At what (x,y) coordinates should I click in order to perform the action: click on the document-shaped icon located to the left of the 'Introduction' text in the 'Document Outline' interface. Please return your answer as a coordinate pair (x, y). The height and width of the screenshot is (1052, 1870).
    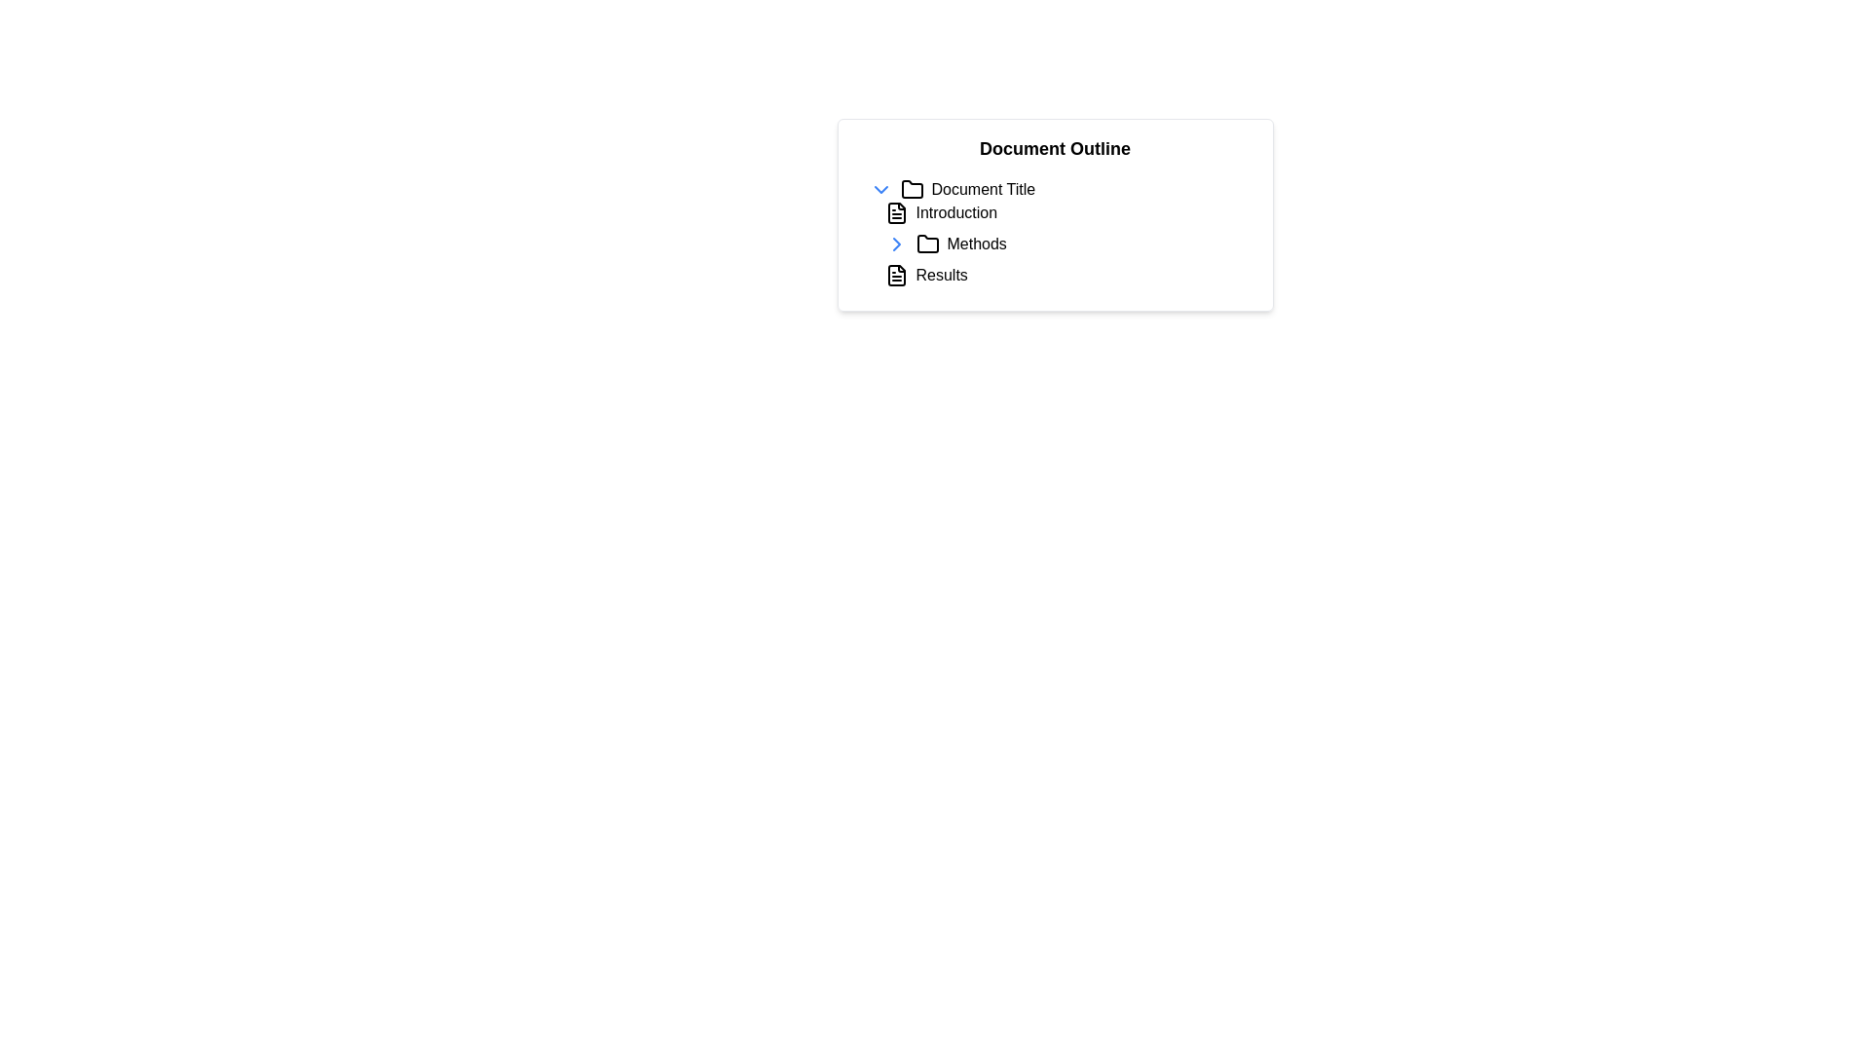
    Looking at the image, I should click on (895, 213).